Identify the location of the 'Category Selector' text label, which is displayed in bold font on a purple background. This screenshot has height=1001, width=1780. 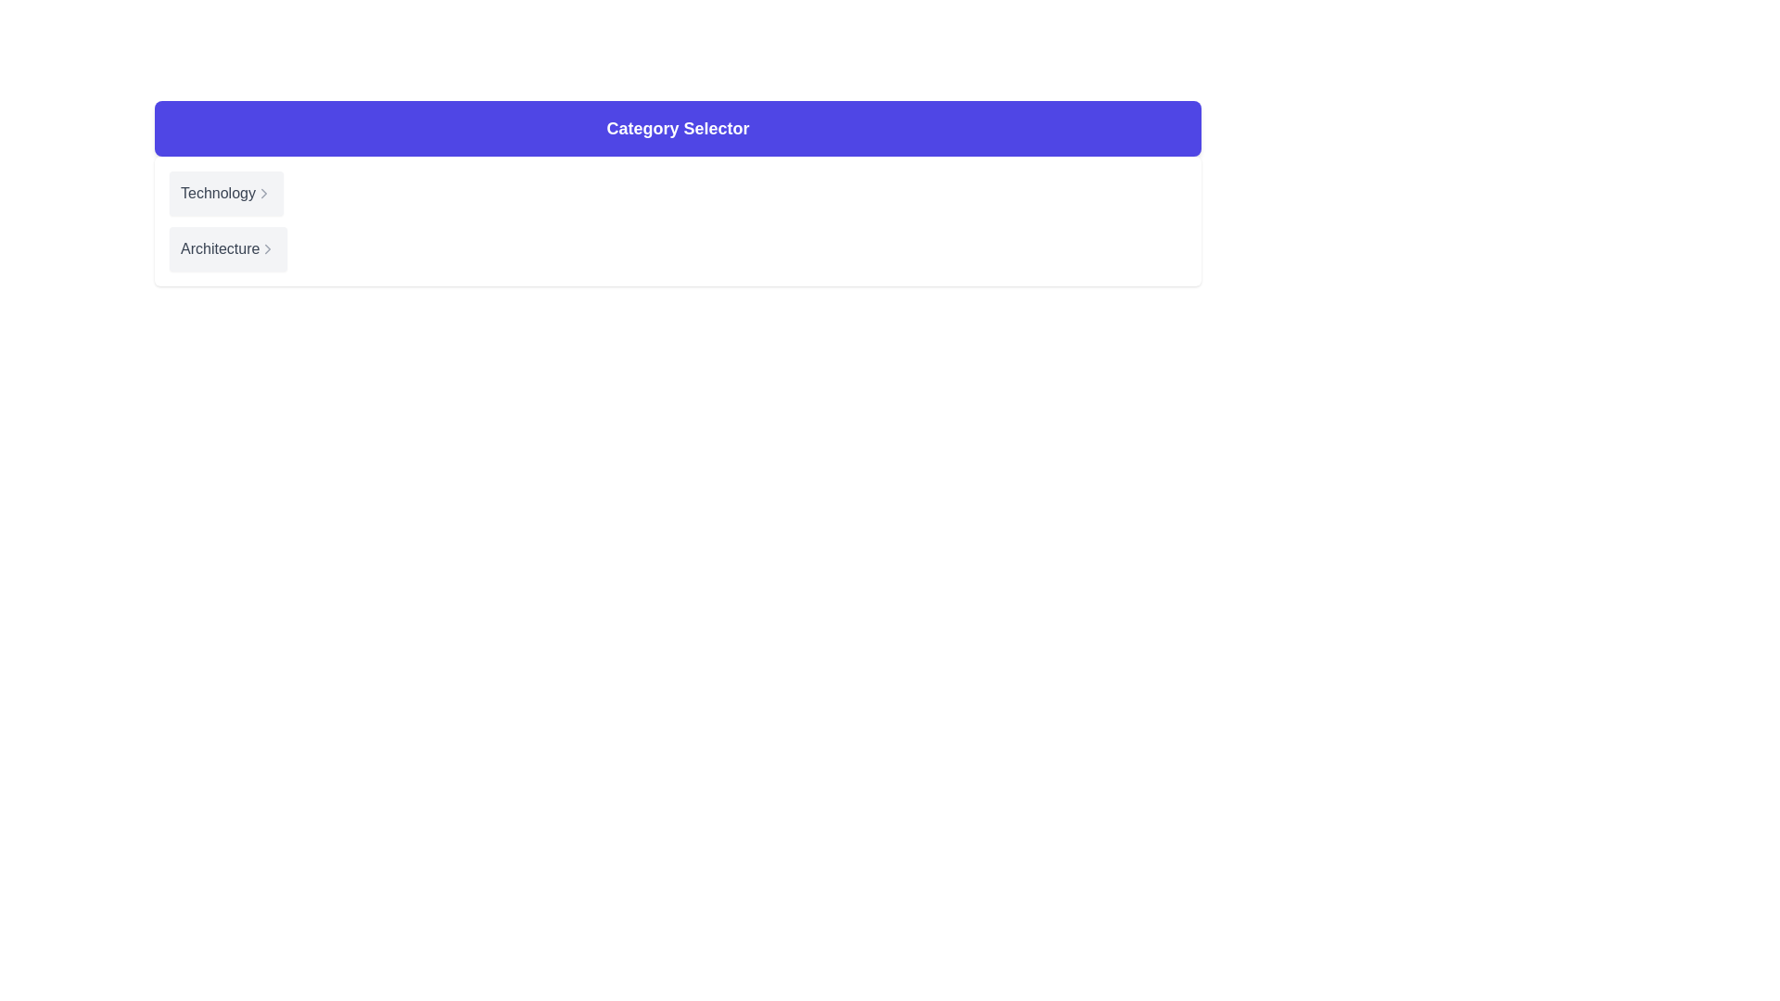
(677, 127).